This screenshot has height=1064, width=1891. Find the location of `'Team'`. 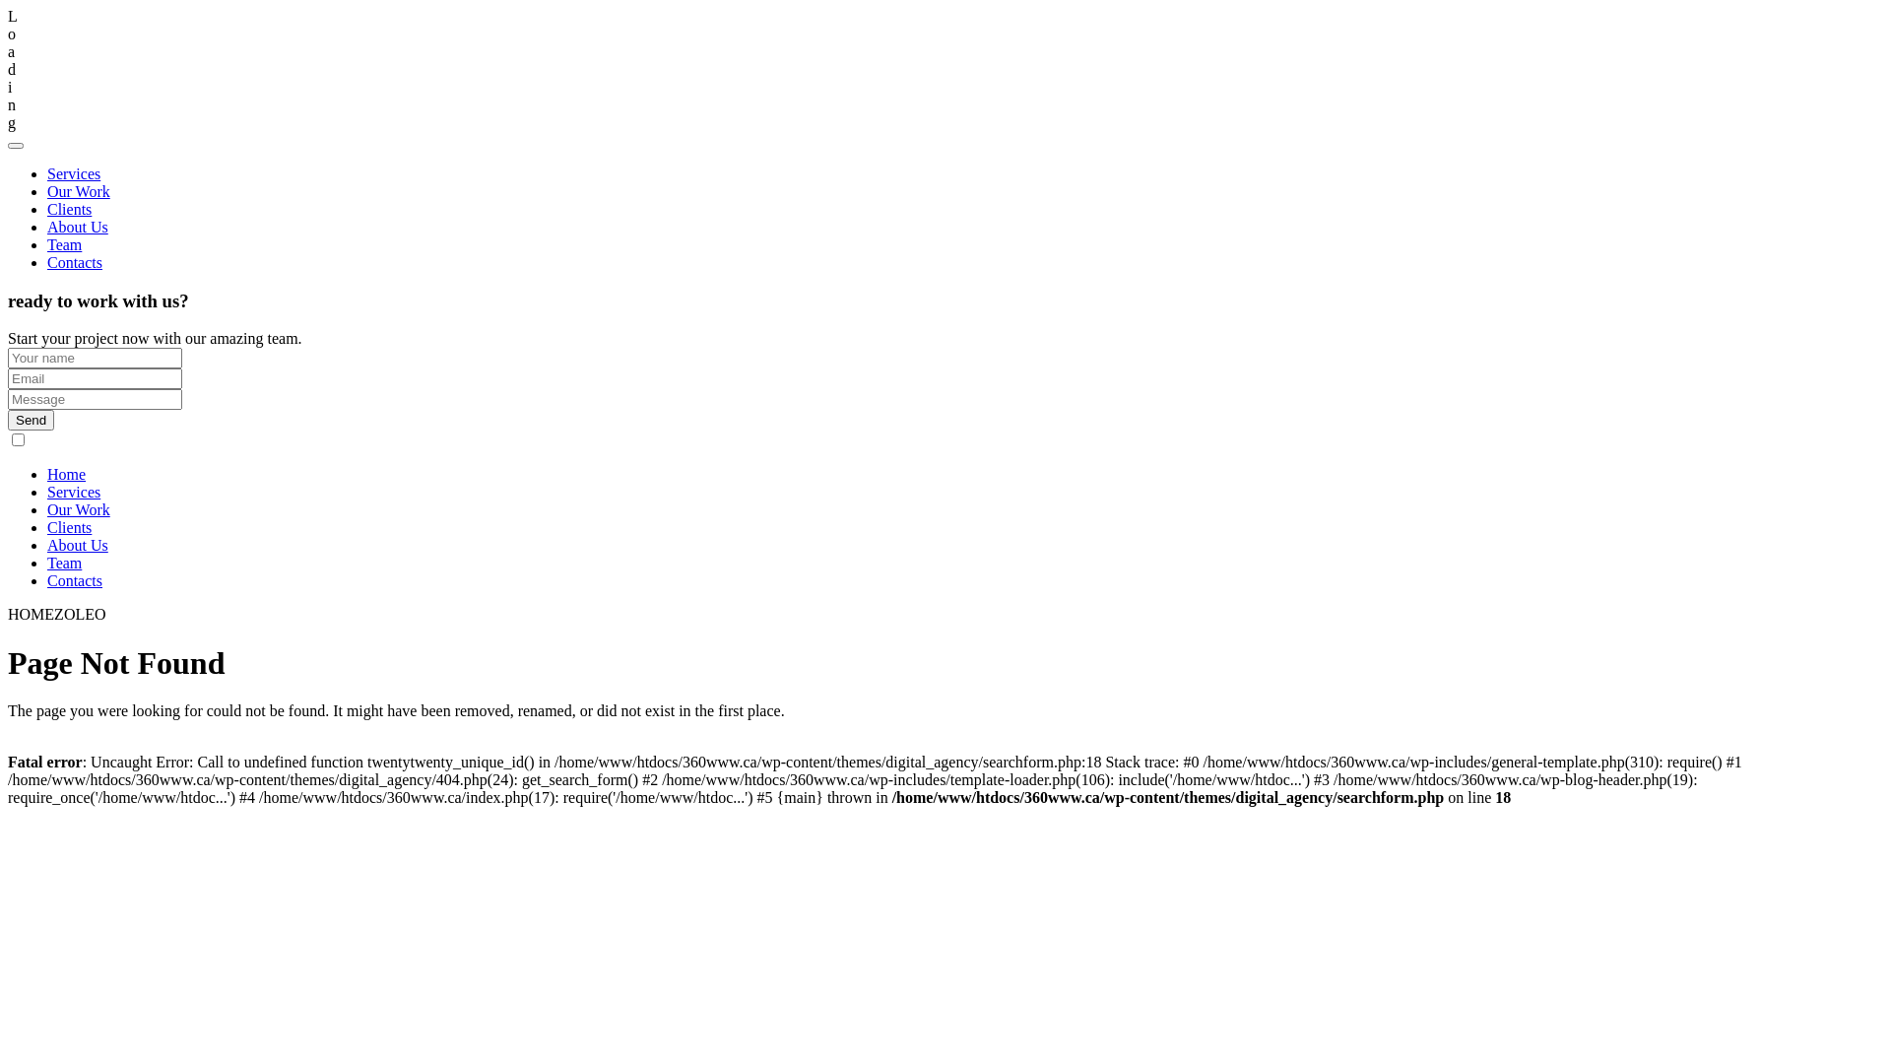

'Team' is located at coordinates (64, 563).